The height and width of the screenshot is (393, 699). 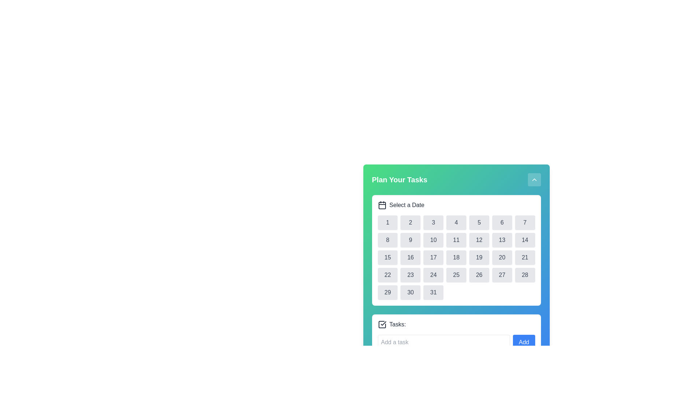 What do you see at coordinates (433, 257) in the screenshot?
I see `the 17th button in the date picker` at bounding box center [433, 257].